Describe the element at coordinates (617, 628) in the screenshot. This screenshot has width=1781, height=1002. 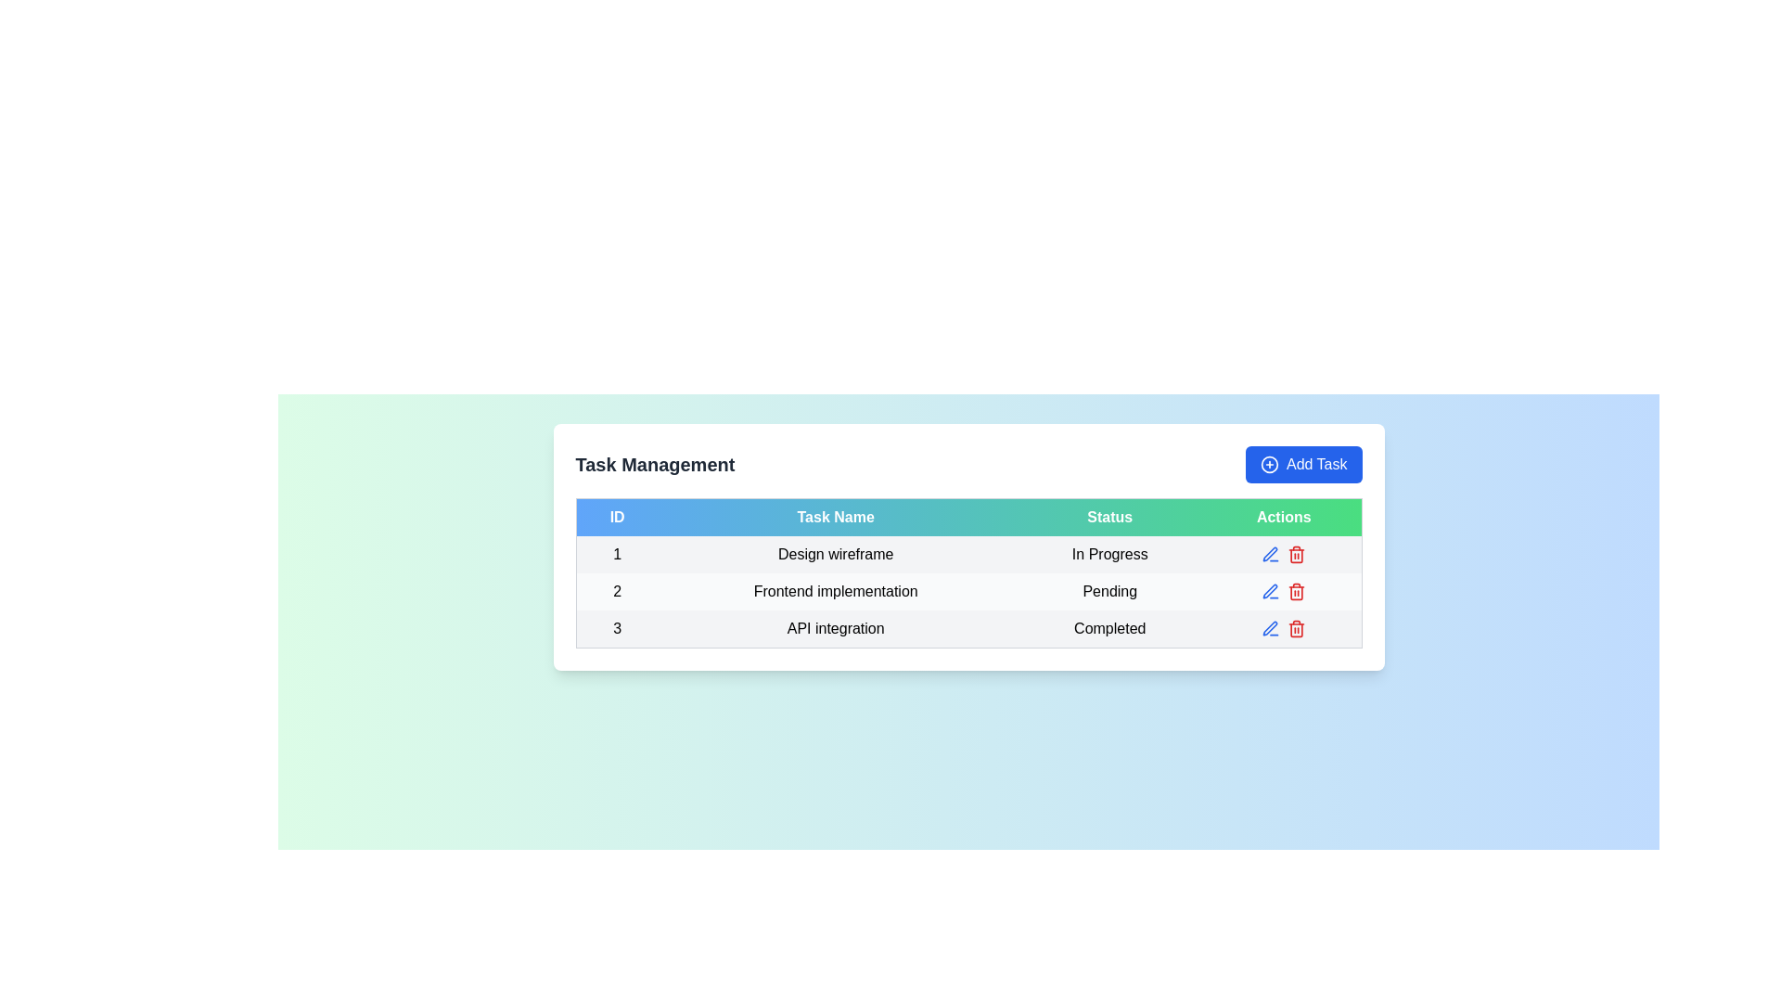
I see `the Text Label representing the unique identifier of the task titled 'API integration' in the task management system` at that location.